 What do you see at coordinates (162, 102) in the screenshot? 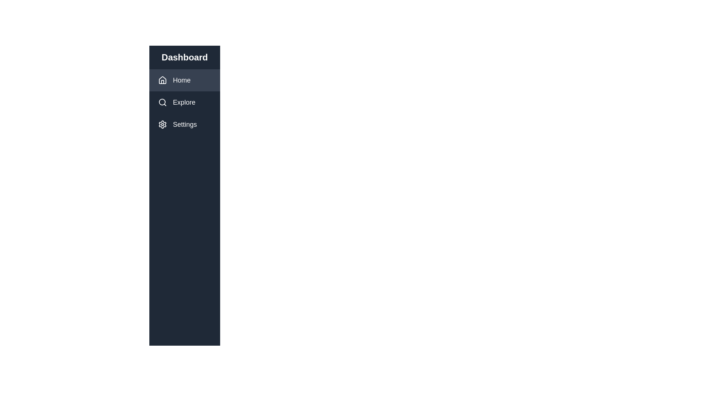
I see `the search icon in the sidebar, which is styled as a magnifying glass and is the second item in the vertical list under the 'Home' icon` at bounding box center [162, 102].